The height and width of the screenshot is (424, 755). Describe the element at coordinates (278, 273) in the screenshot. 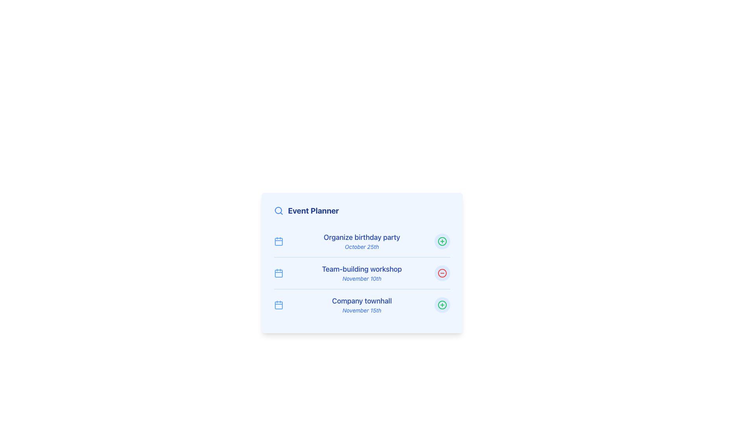

I see `the calendar icon located to the left of the 'Team-building workshop' event title in the second row of the event list` at that location.